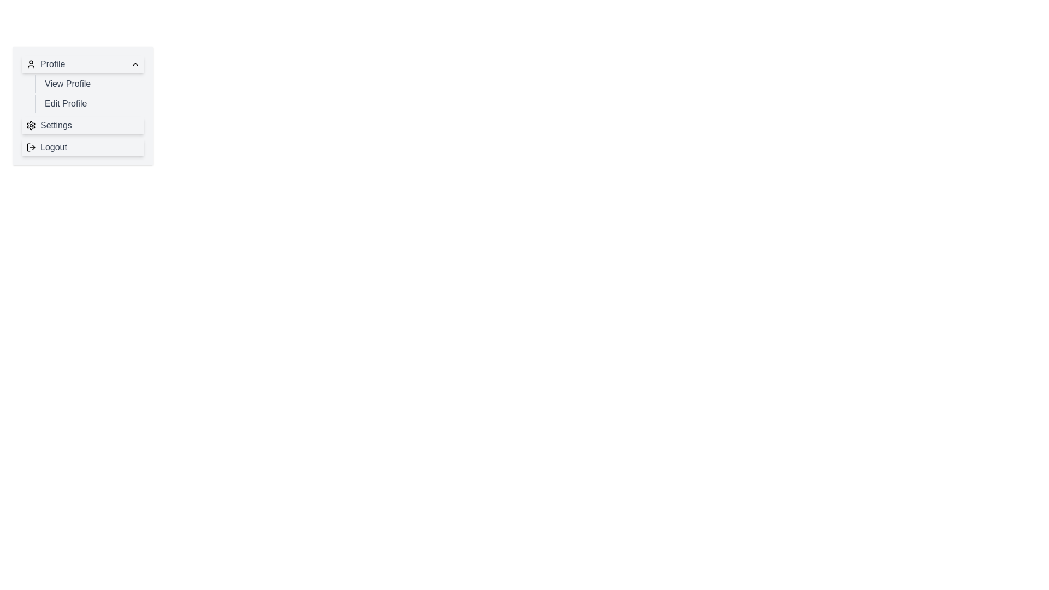  I want to click on the text label reading 'View Profile', which is styled in gray and located under the 'Profile' menu in the dropdown, so click(67, 84).